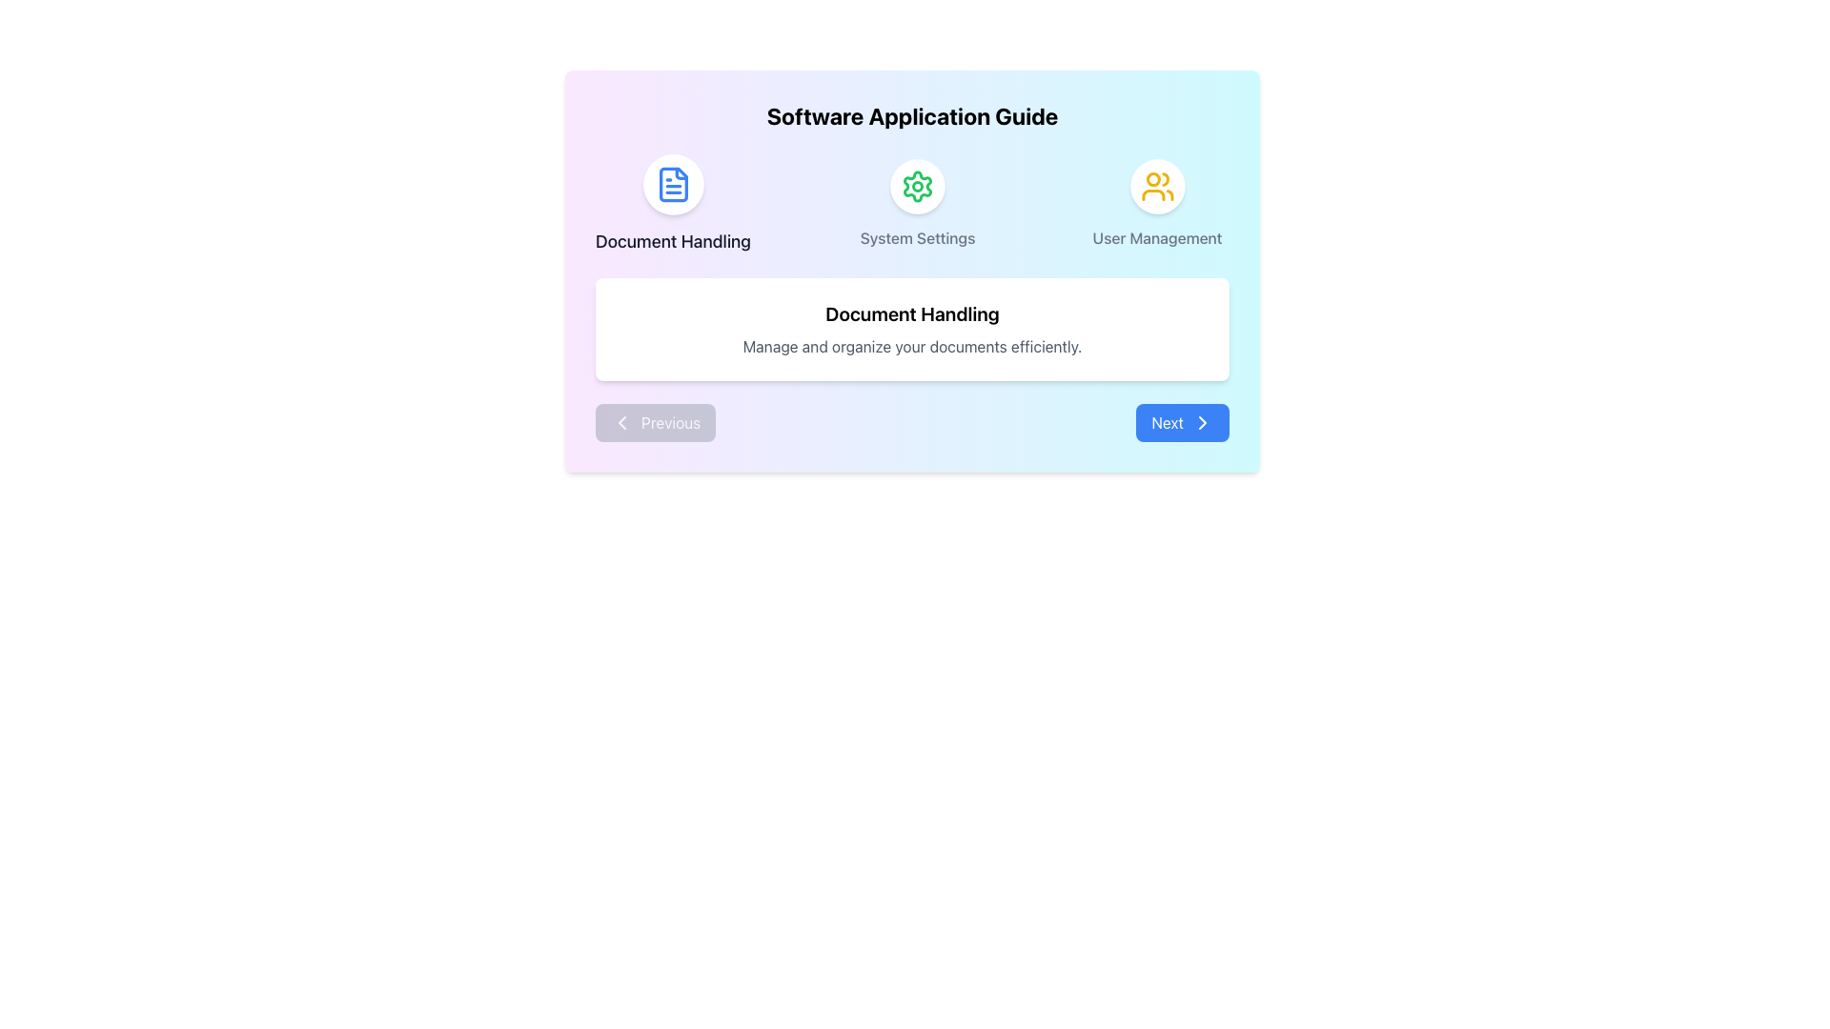  I want to click on text block that provides additional descriptive information about the 'Document Handling' feature, located directly below the title 'Document Handling.', so click(911, 346).